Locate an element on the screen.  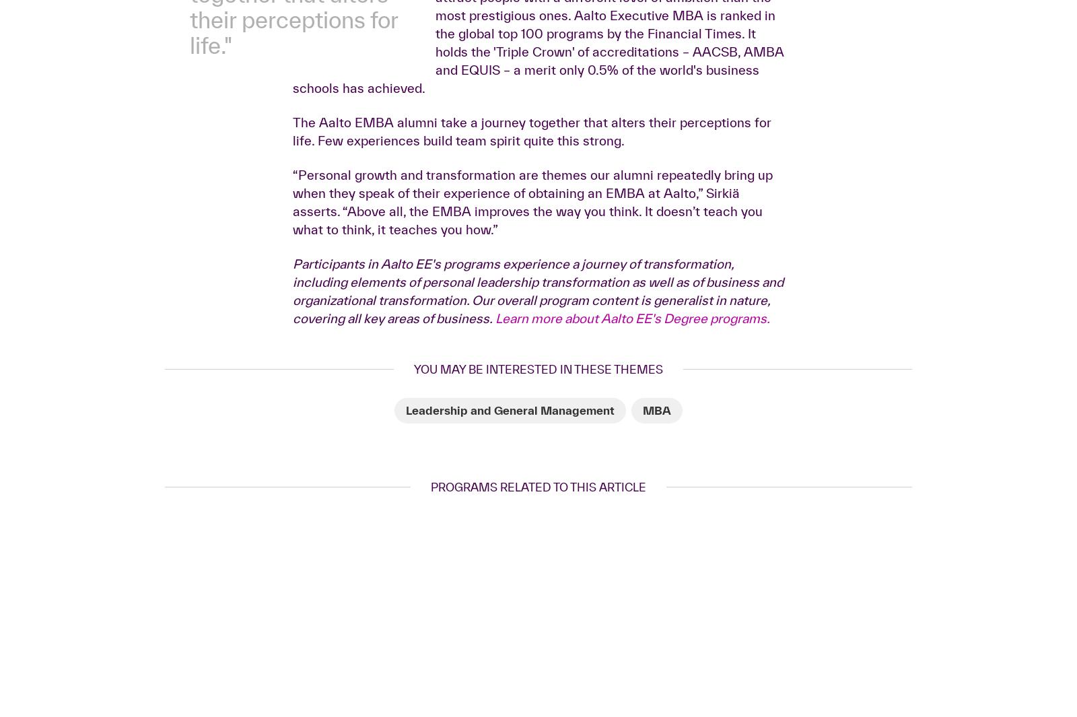
'The Aalto EMBA alumni take a journey together that alters their perceptions for life. Few experiences build team spirit quite this strong.' is located at coordinates (292, 343).